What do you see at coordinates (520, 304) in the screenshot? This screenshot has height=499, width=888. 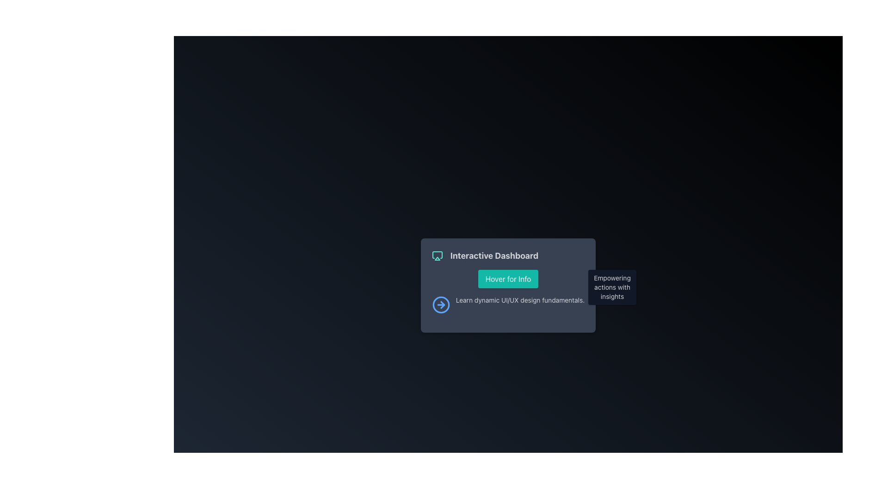 I see `the static label displaying the text 'Learn dynamic UI/UX design fundamentals.' which is styled with a small font size on a dark background and positioned next to a right-arrow icon` at bounding box center [520, 304].